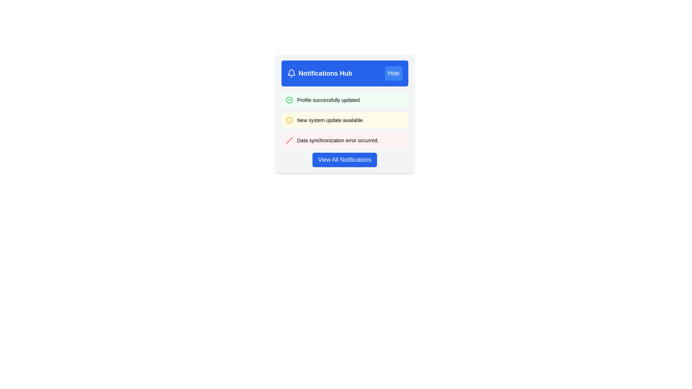 The width and height of the screenshot is (692, 389). Describe the element at coordinates (325, 73) in the screenshot. I see `the text label that serves as the title for the notification panel, located in the top bar and positioned to the right of a bell icon and to the left of a 'Hide' button` at that location.